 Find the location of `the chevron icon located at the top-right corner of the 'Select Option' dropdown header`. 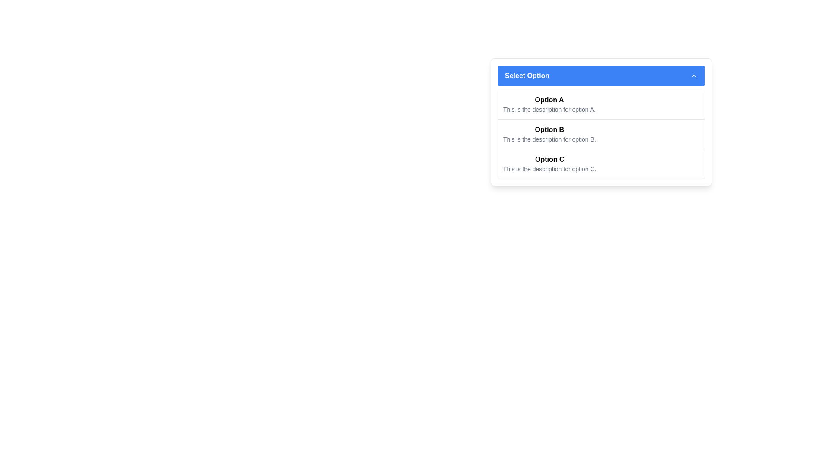

the chevron icon located at the top-right corner of the 'Select Option' dropdown header is located at coordinates (693, 76).